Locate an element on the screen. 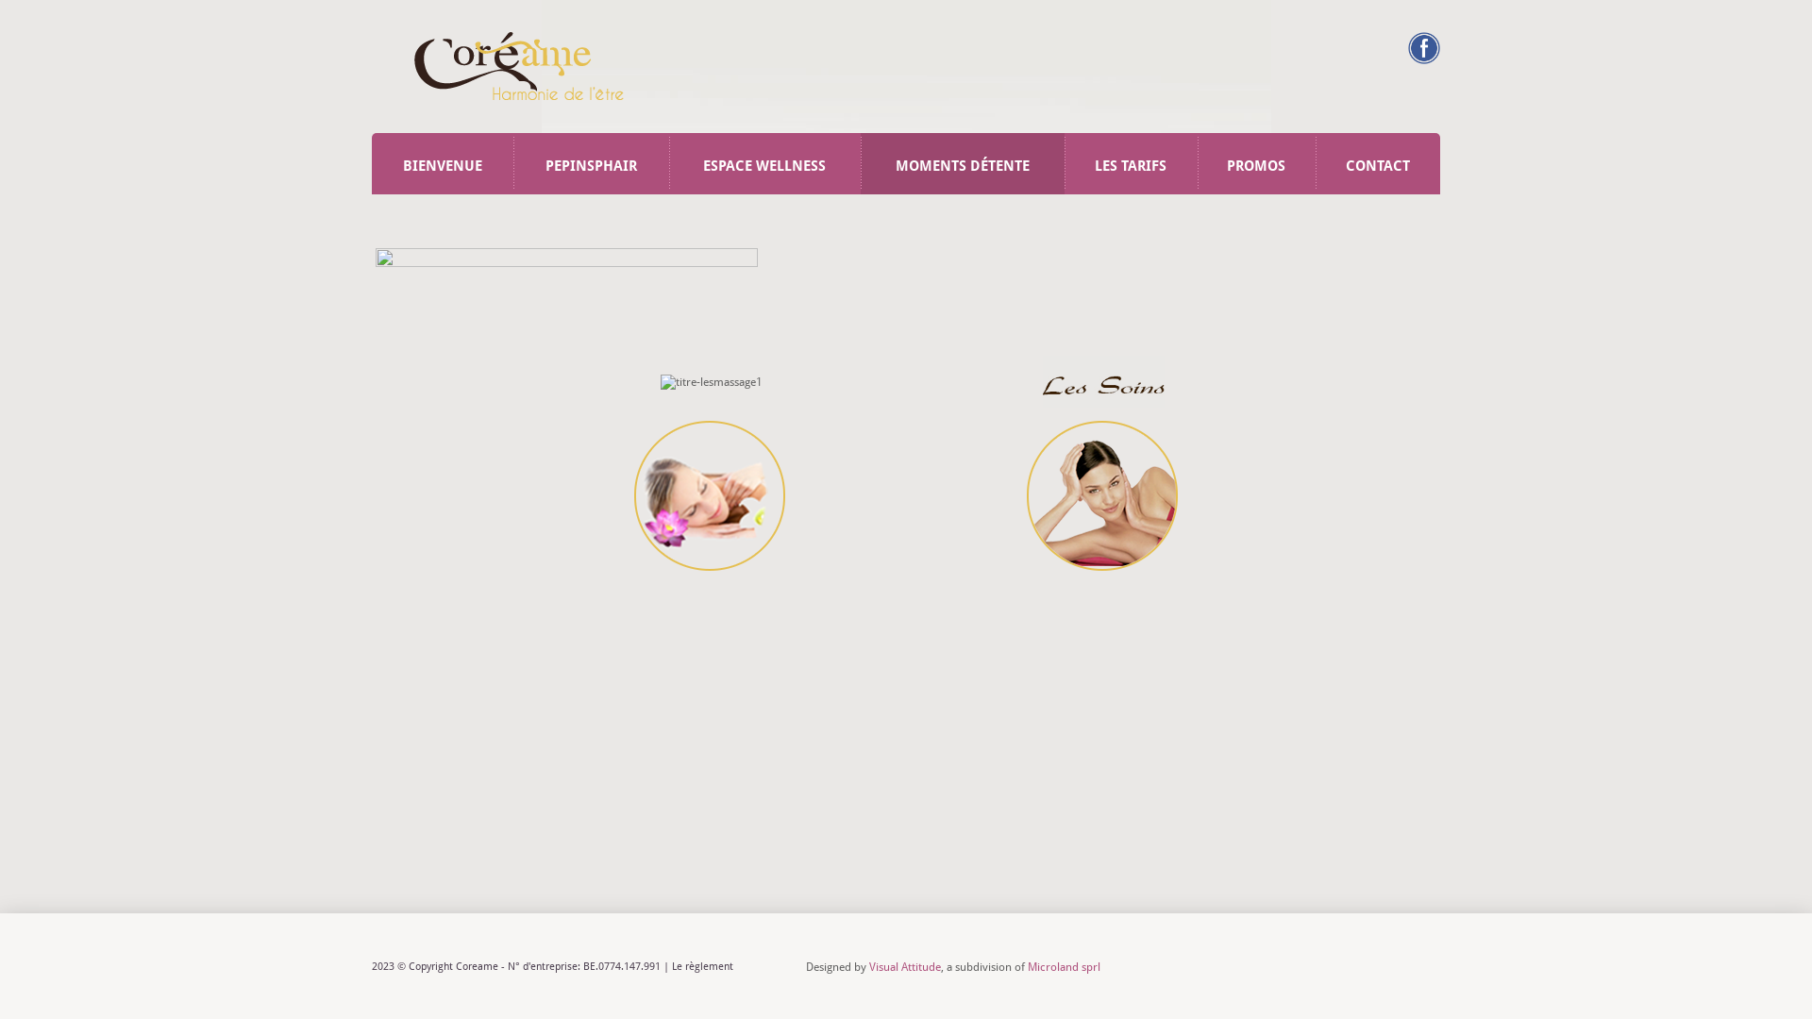  'PROMOS' is located at coordinates (1256, 162).